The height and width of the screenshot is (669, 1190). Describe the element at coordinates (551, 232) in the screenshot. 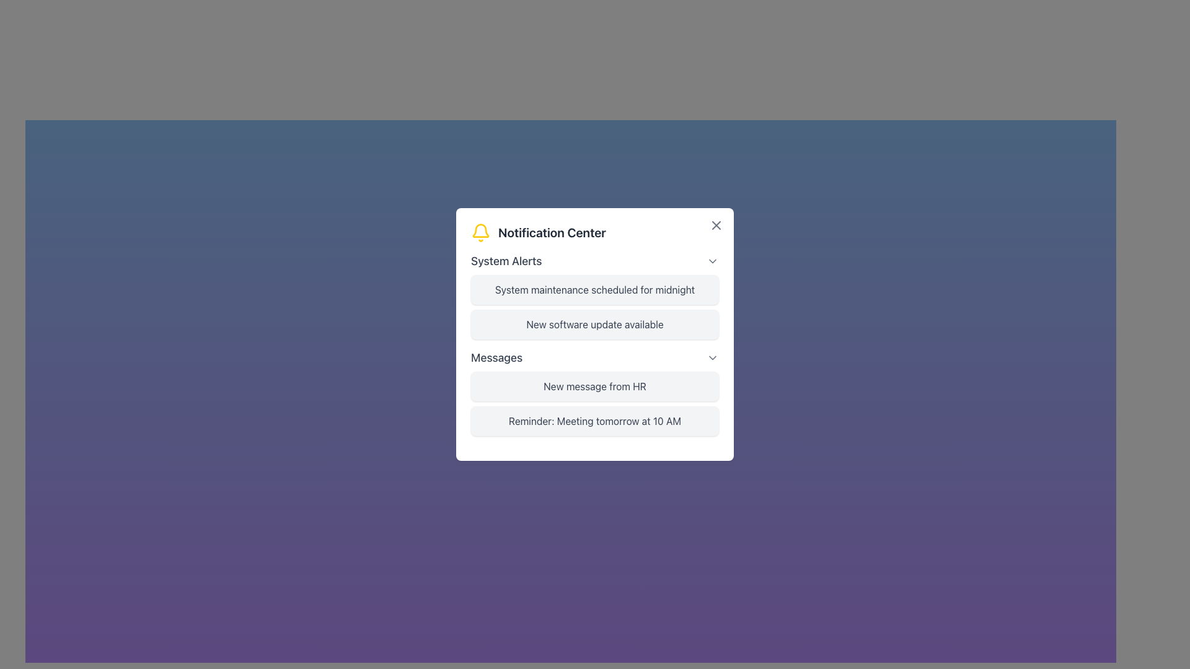

I see `the title text element that identifies the notifications section, which is located to the right of a yellow notification bell icon in a pop-up card interface` at that location.